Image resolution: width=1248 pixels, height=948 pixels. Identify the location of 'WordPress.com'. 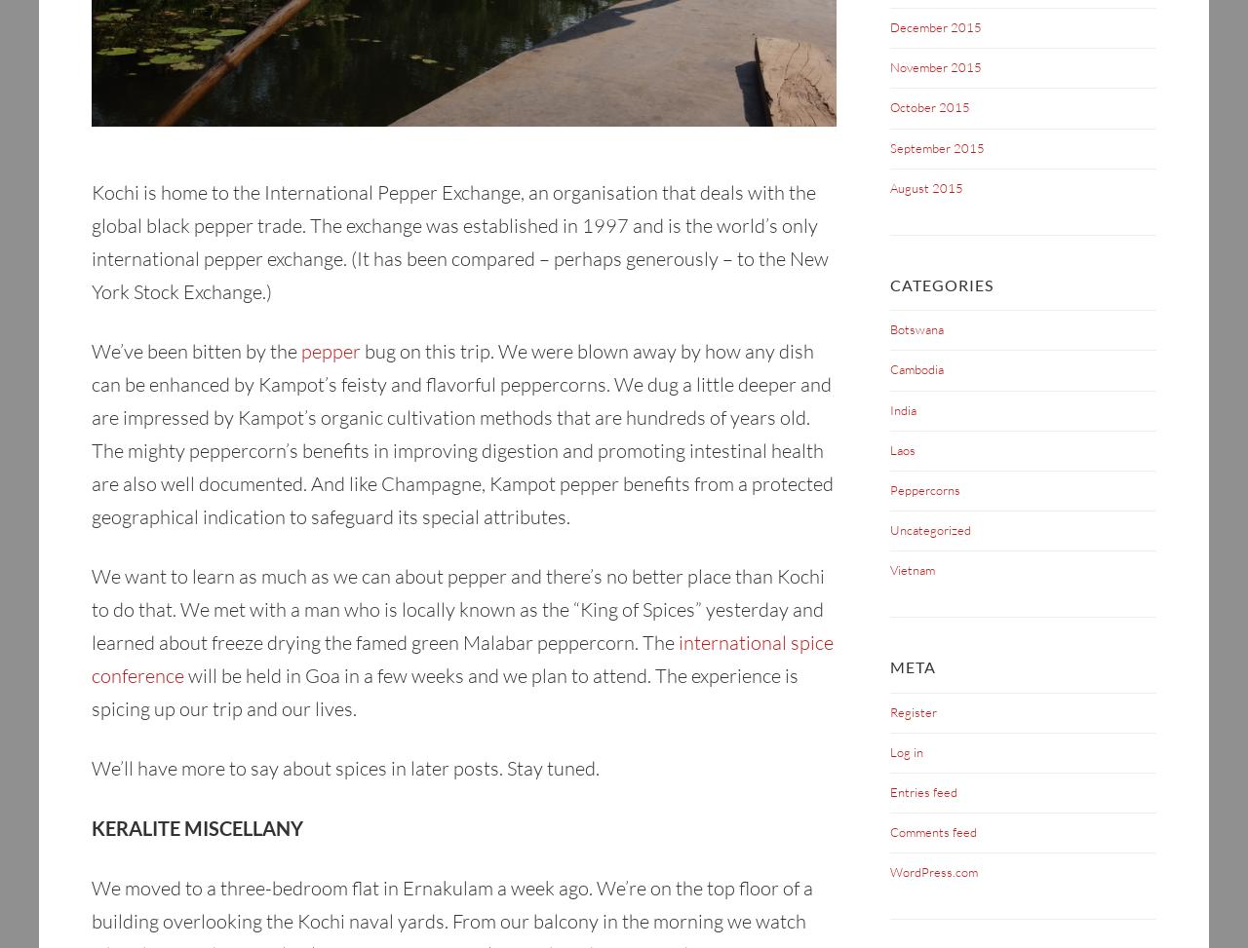
(932, 871).